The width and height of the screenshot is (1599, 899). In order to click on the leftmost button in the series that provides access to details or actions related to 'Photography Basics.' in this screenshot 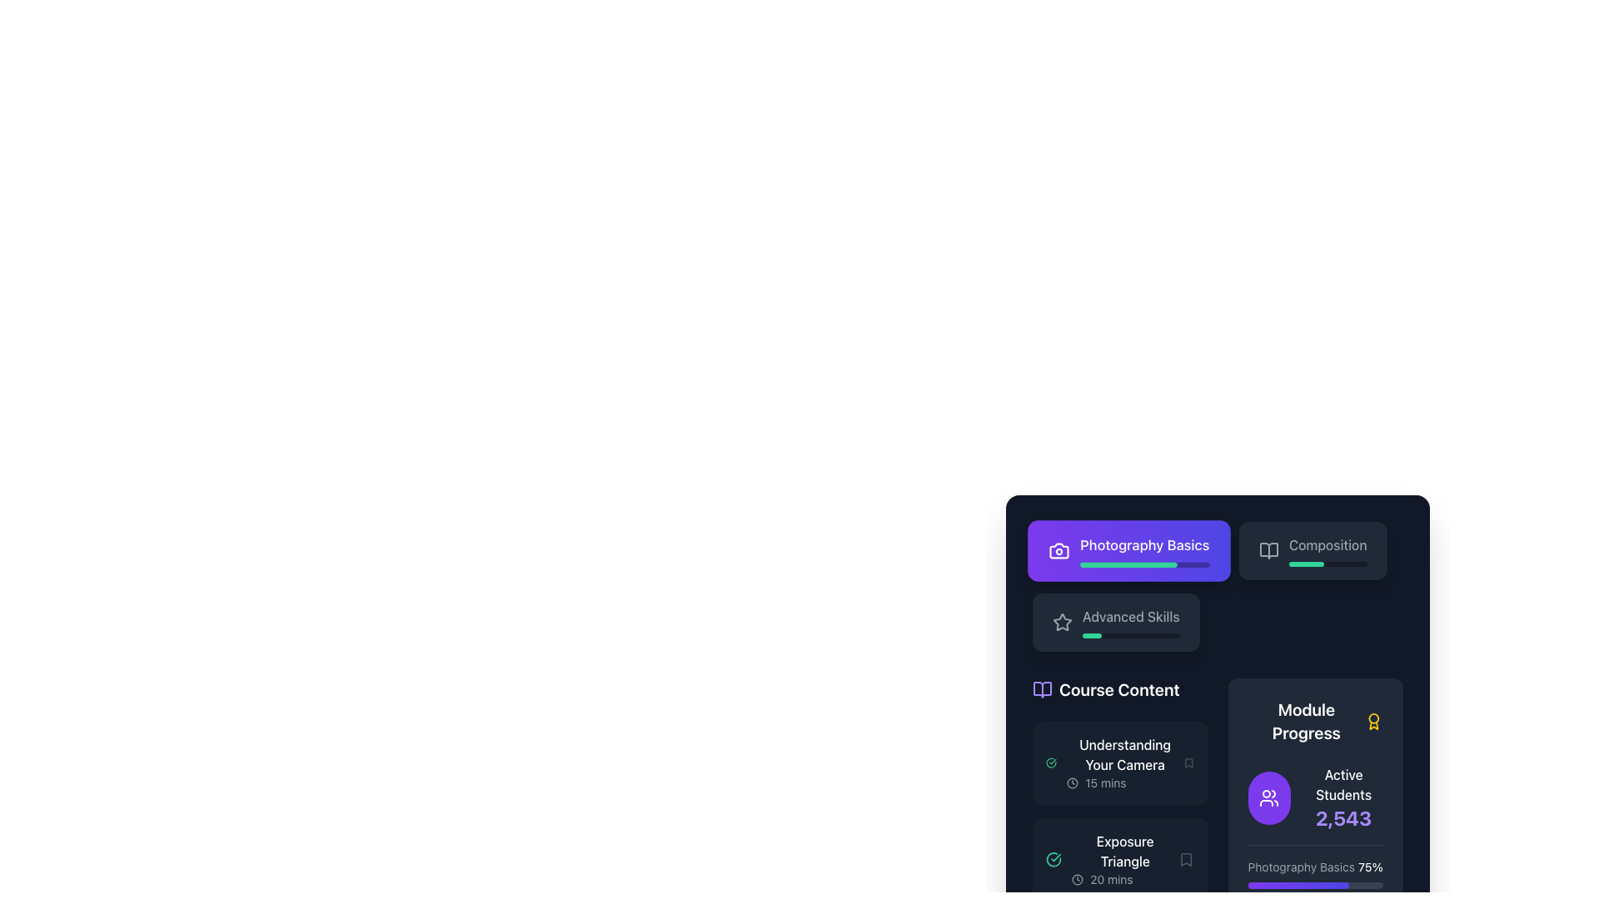, I will do `click(1143, 551)`.